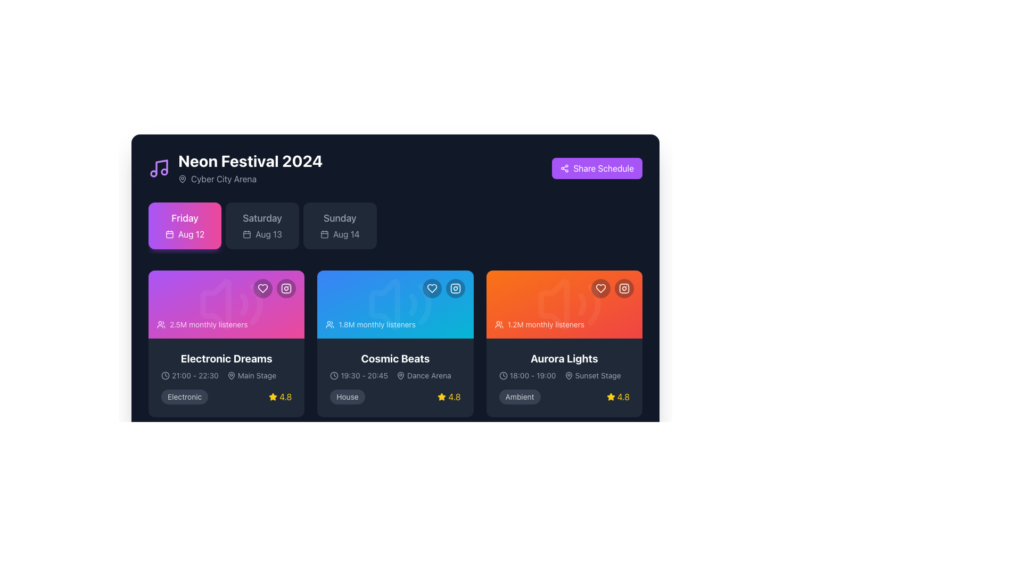  I want to click on the Background element within the SVG that is a rectangular shape with rounded corners, situated under the 'Sunday' button in a dark-themed calendar interface, so click(324, 234).